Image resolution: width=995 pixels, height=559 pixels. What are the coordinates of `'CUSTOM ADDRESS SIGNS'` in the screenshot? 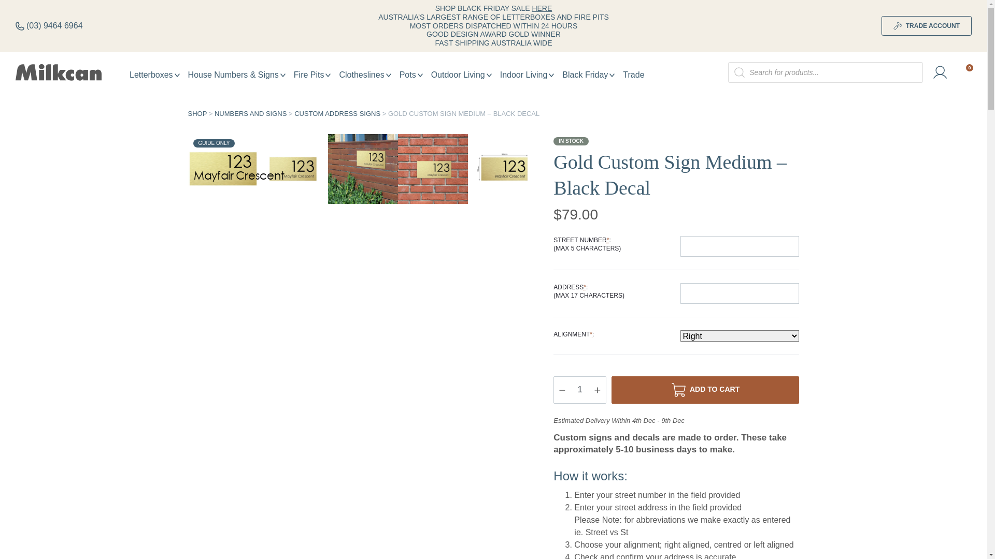 It's located at (337, 113).